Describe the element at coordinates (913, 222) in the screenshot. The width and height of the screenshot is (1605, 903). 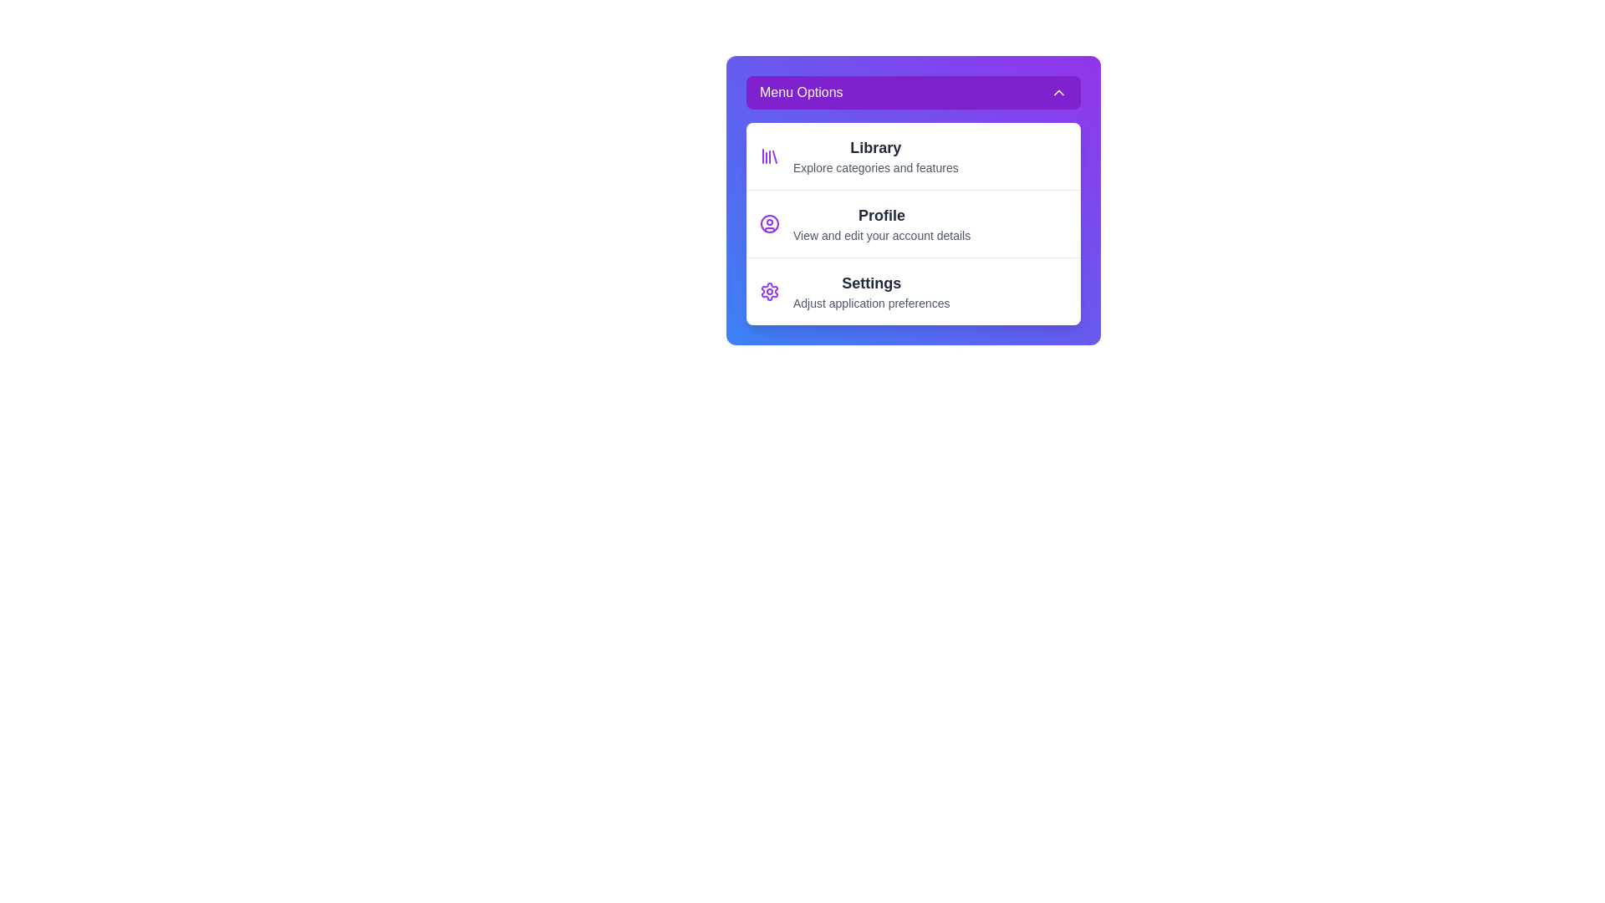
I see `the 'Profile' navigation link, which is the second item in the menu` at that location.